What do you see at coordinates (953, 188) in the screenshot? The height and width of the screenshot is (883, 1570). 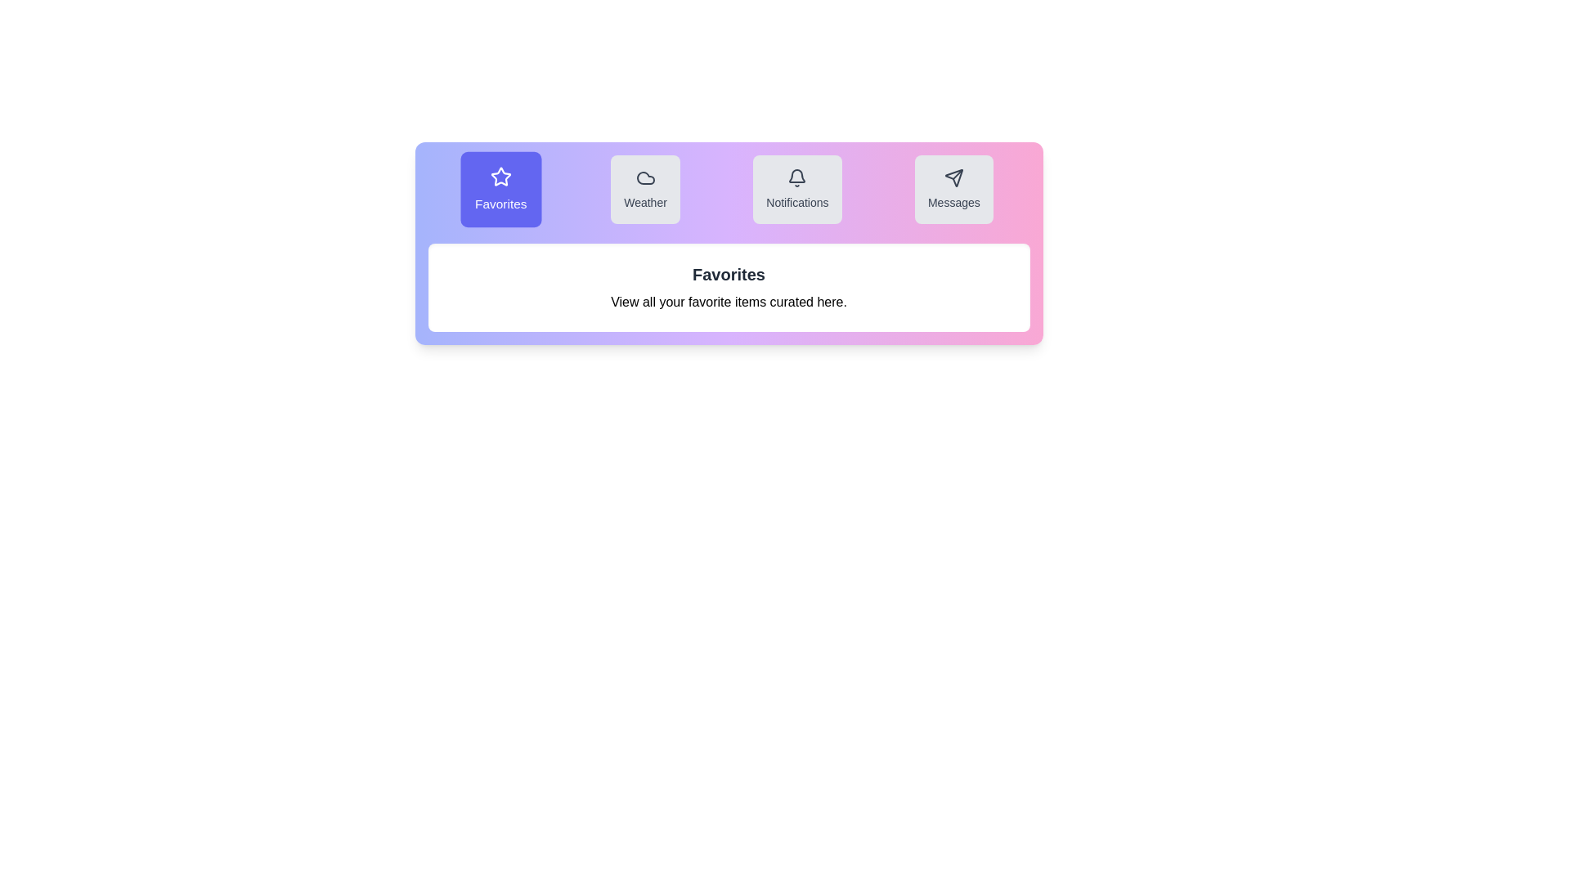 I see `the tab corresponding to Messages to highlight it` at bounding box center [953, 188].